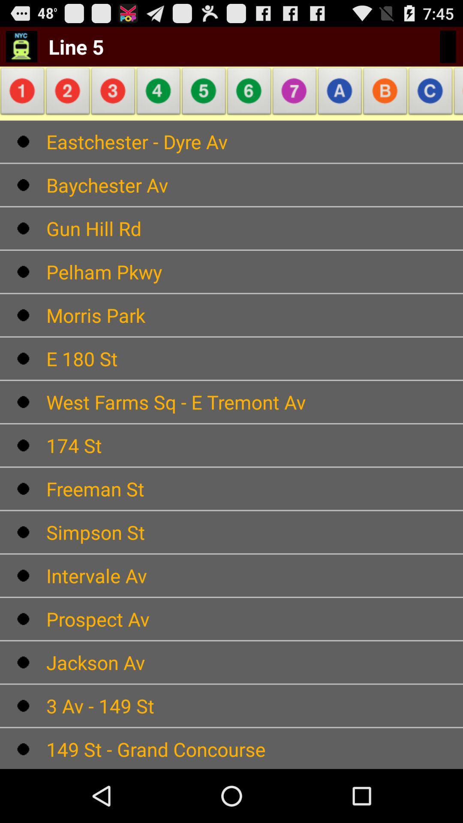  Describe the element at coordinates (254, 445) in the screenshot. I see `174 st` at that location.